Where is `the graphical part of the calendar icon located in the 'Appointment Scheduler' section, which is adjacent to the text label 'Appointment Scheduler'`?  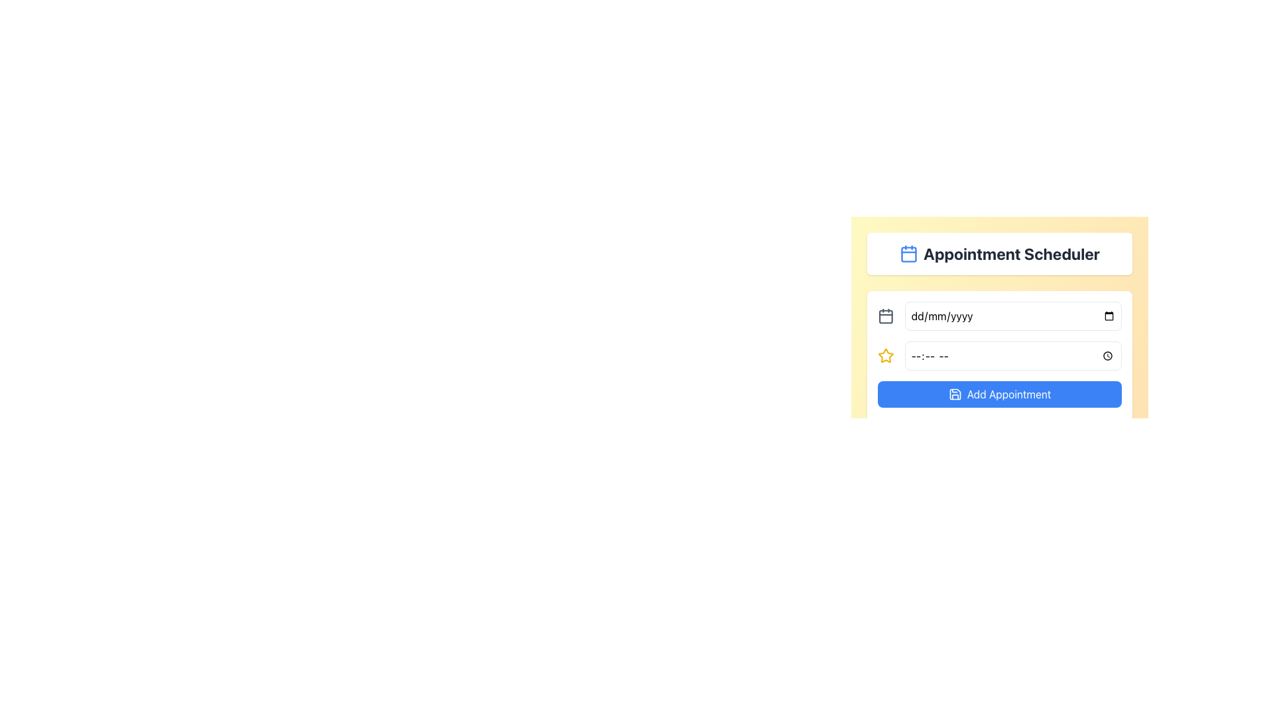
the graphical part of the calendar icon located in the 'Appointment Scheduler' section, which is adjacent to the text label 'Appointment Scheduler' is located at coordinates (908, 255).